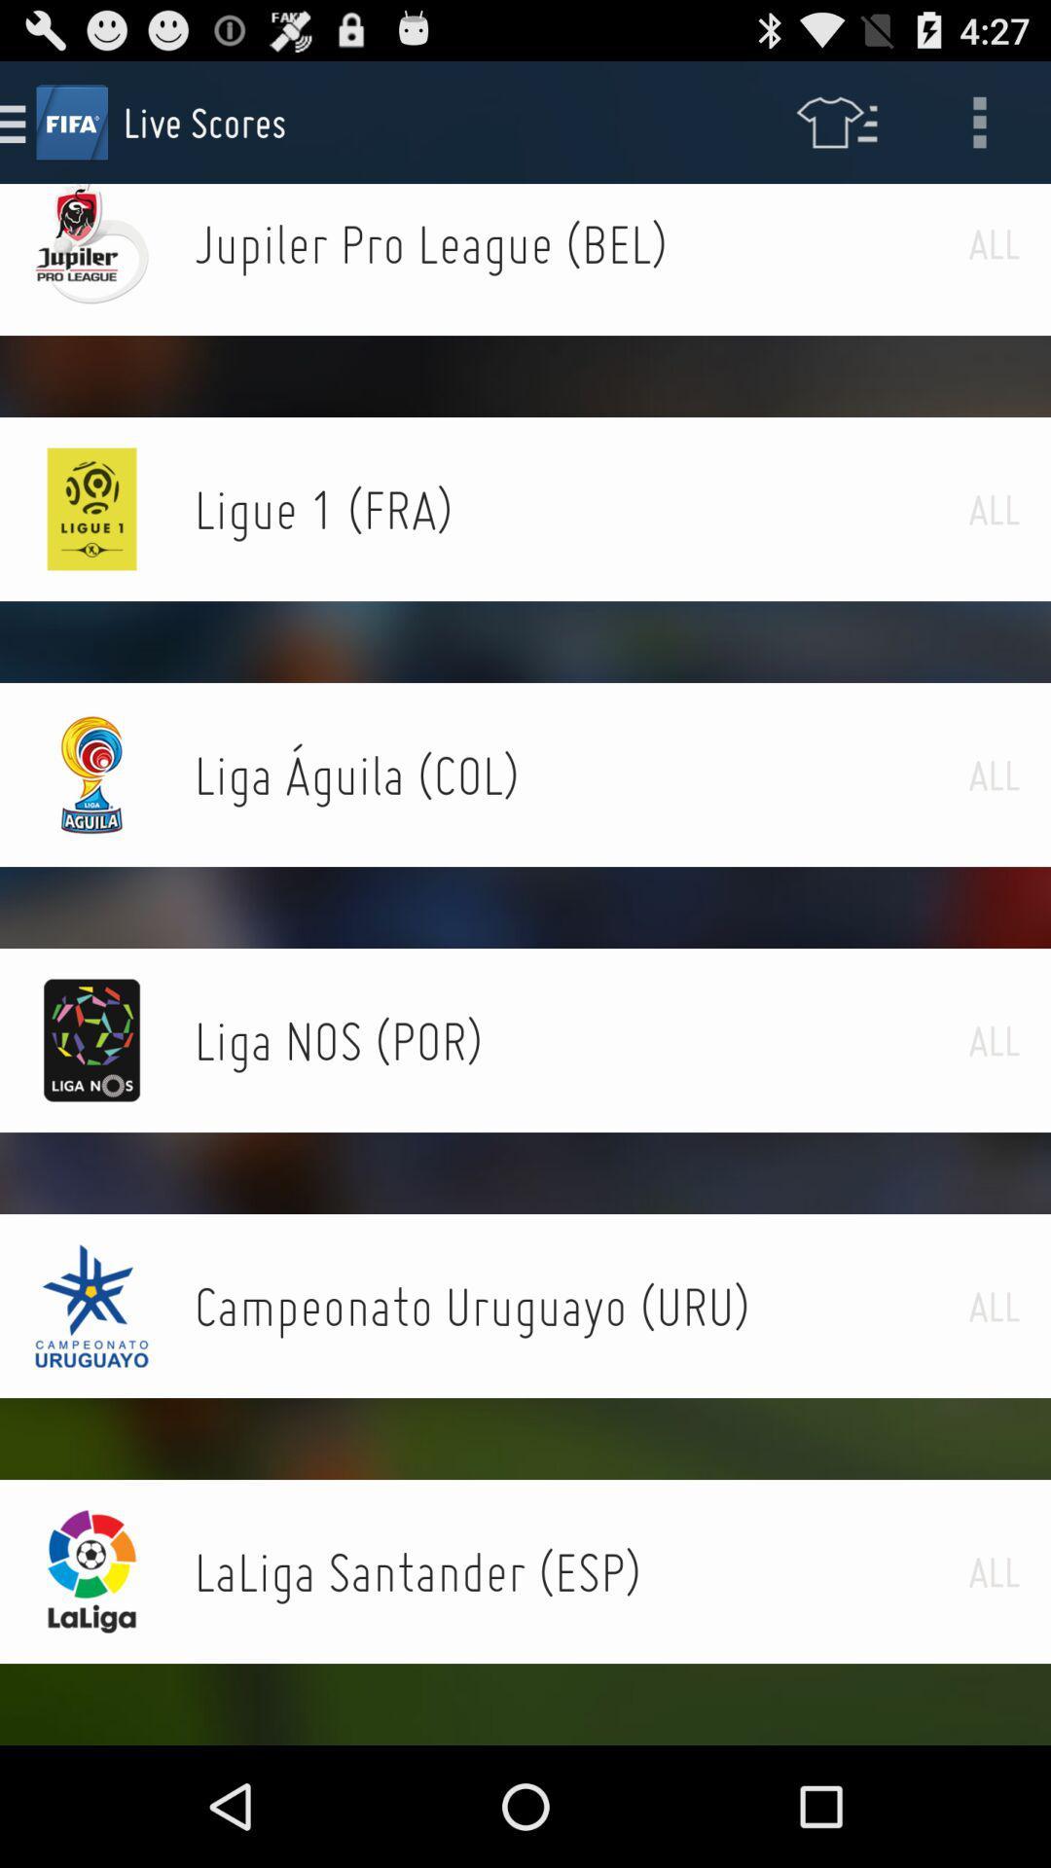  What do you see at coordinates (580, 1039) in the screenshot?
I see `the liga nos (por) item` at bounding box center [580, 1039].